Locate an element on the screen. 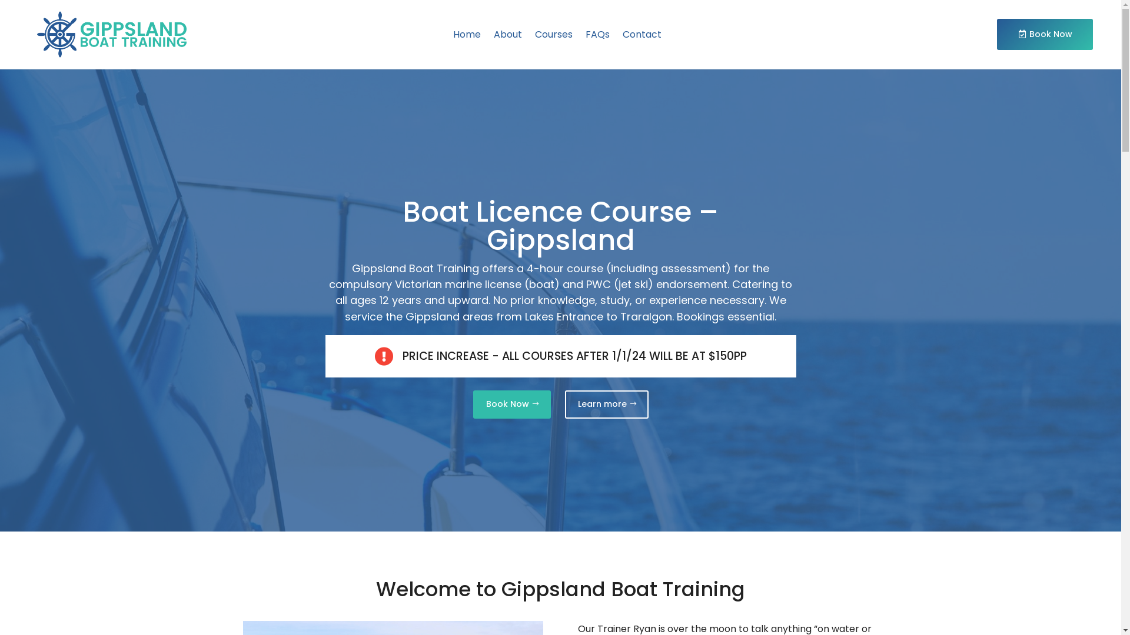 Image resolution: width=1130 pixels, height=635 pixels. 'Home' is located at coordinates (466, 34).